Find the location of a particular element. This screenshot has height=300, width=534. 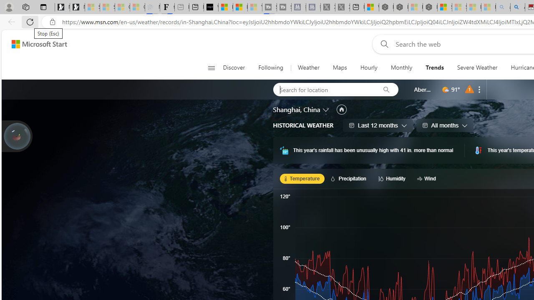

'Aberdeen' is located at coordinates (423, 89).